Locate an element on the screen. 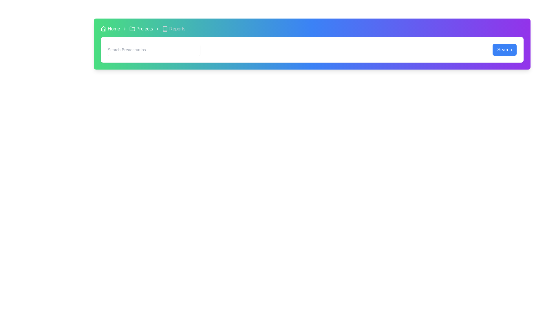 Image resolution: width=556 pixels, height=313 pixels. the folder icon in the breadcrumb navigation bar that visually represents the 'Projects' link, positioned to the left of the text 'Projects' is located at coordinates (132, 29).